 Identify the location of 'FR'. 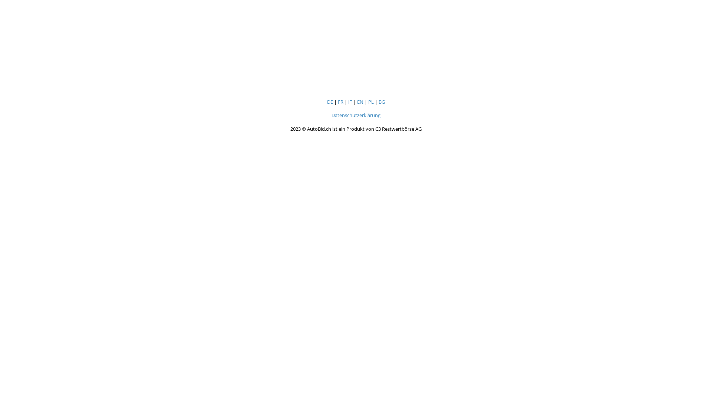
(340, 101).